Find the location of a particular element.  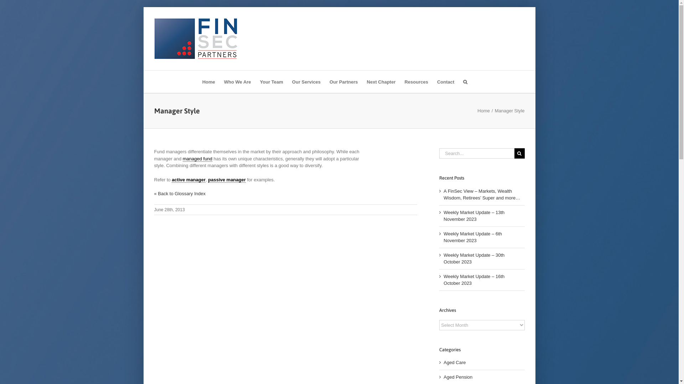

'Resources' is located at coordinates (416, 81).